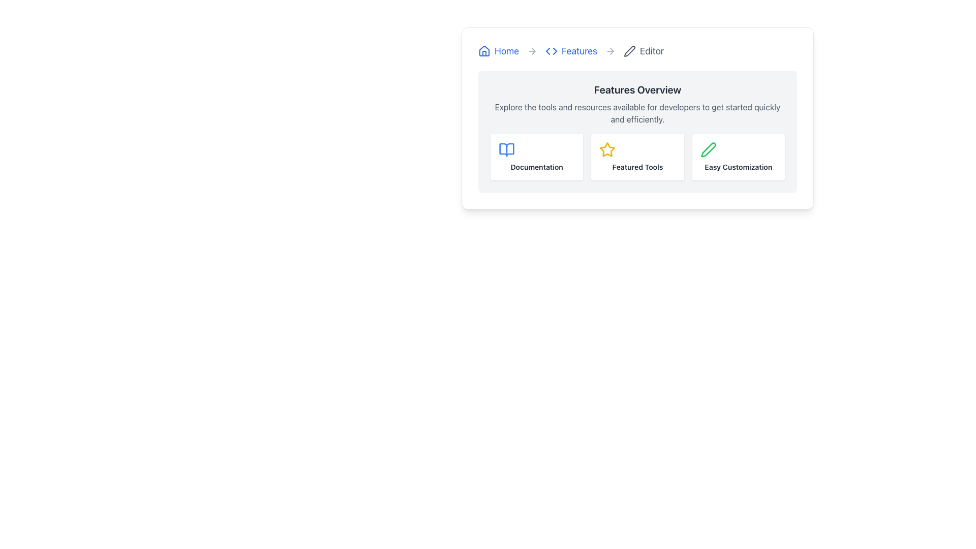  Describe the element at coordinates (531, 51) in the screenshot. I see `the breadcrumb navigation arrow icon located between 'Home' and 'Features'` at that location.